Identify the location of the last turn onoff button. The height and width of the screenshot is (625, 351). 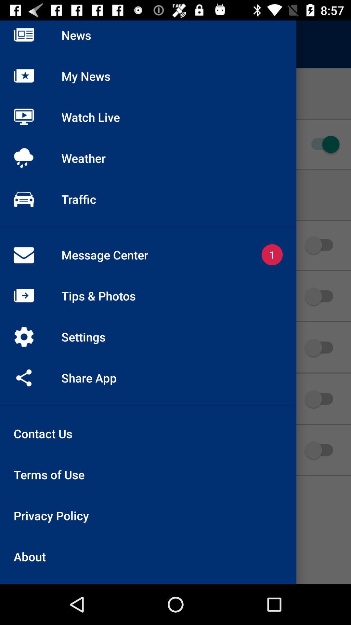
(322, 450).